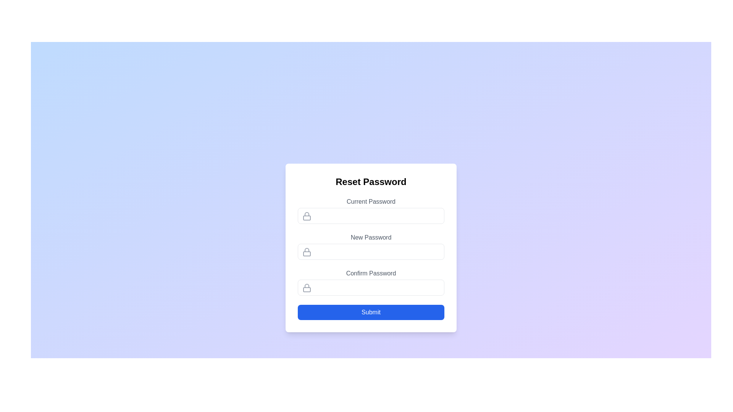 This screenshot has width=733, height=412. Describe the element at coordinates (307, 214) in the screenshot. I see `the upper arc part of the lock symbol in the password input field labeled 'Current Password'` at that location.